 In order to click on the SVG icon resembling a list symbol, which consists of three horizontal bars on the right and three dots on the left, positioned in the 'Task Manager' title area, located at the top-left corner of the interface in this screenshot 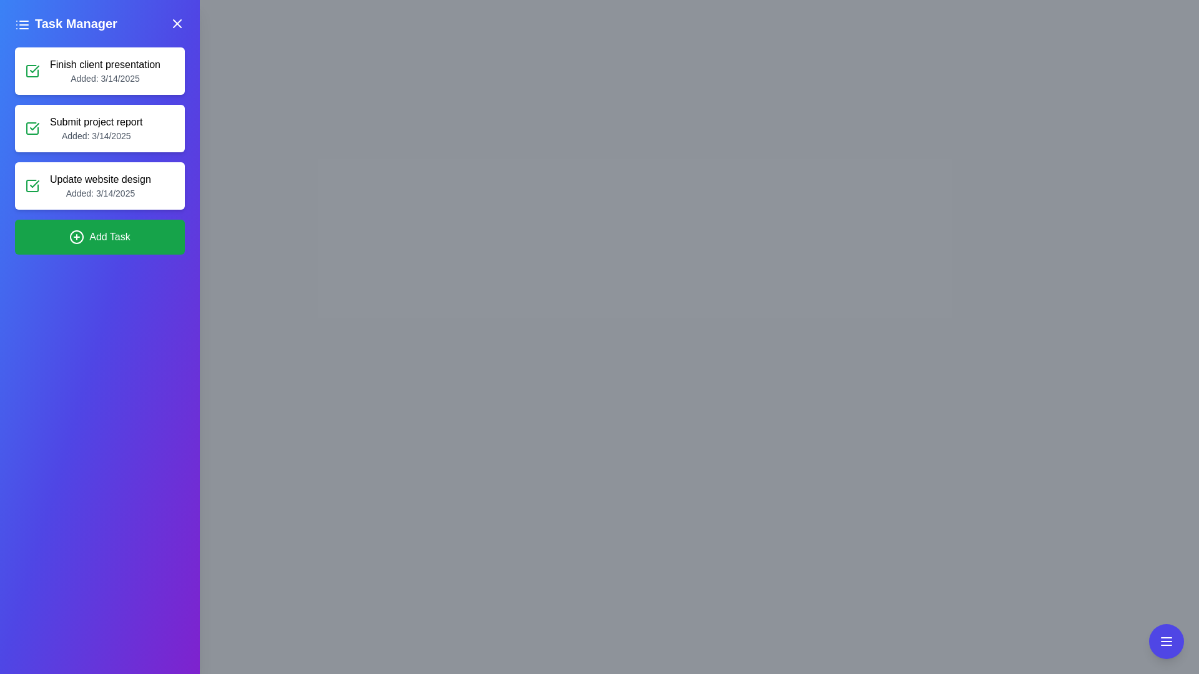, I will do `click(22, 24)`.